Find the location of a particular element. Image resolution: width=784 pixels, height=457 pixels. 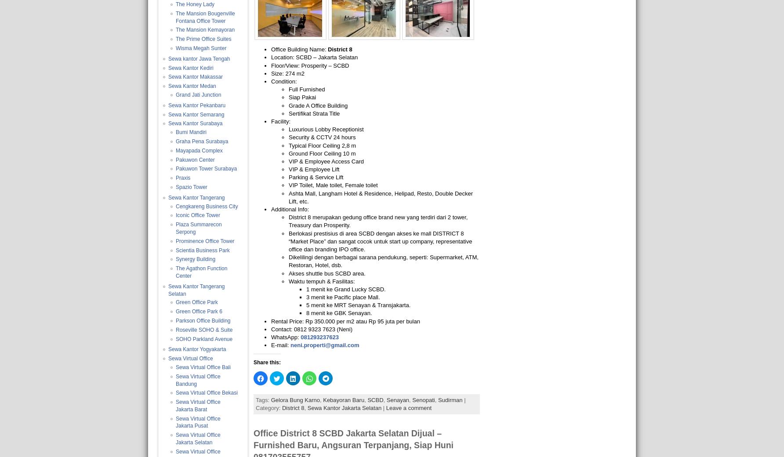

'Ground Floor Ceiling 10 m' is located at coordinates (322, 152).